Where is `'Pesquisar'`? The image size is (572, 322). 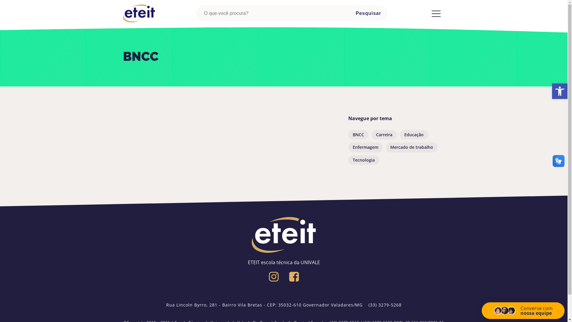
'Pesquisar' is located at coordinates (368, 13).